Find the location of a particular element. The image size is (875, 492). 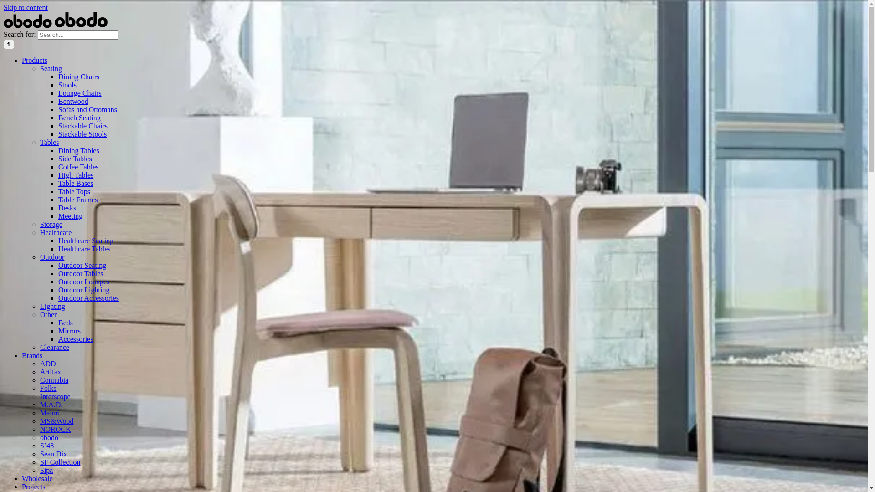

'SF Collection' is located at coordinates (59, 462).